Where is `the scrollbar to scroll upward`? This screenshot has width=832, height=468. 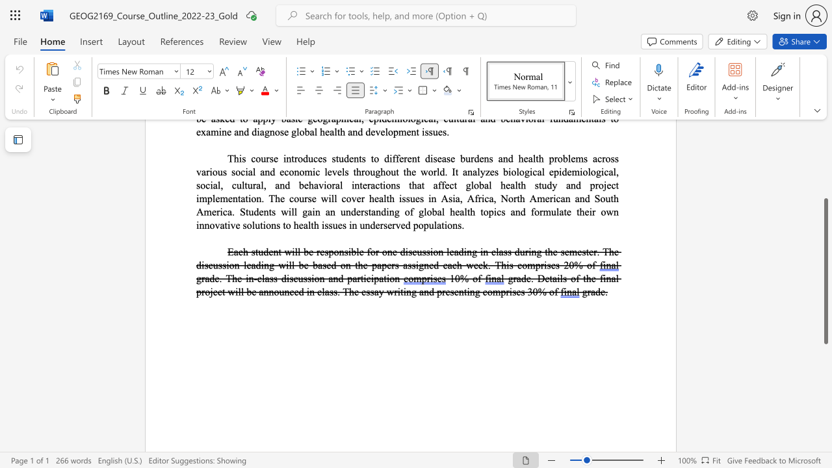
the scrollbar to scroll upward is located at coordinates (825, 175).